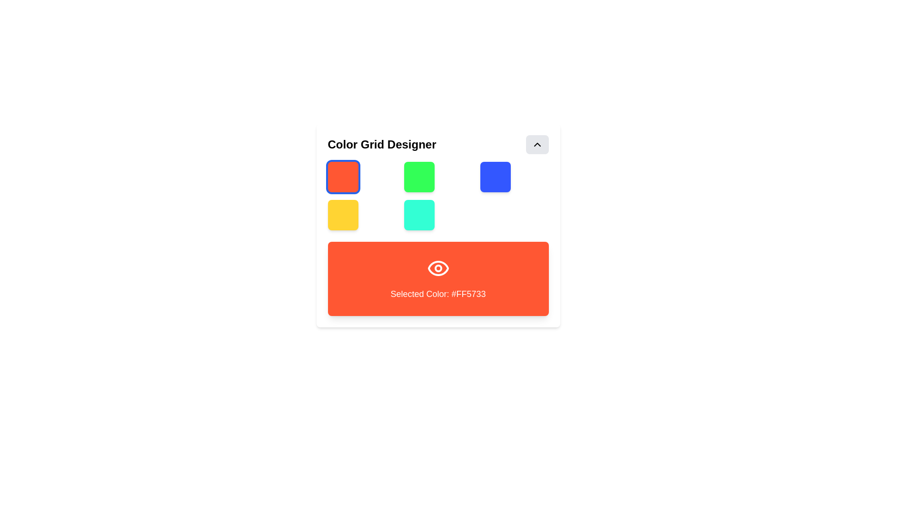  Describe the element at coordinates (382, 145) in the screenshot. I see `the bold, large-sized text displaying 'Color Grid Designer' located at the top-left corner of the interface` at that location.